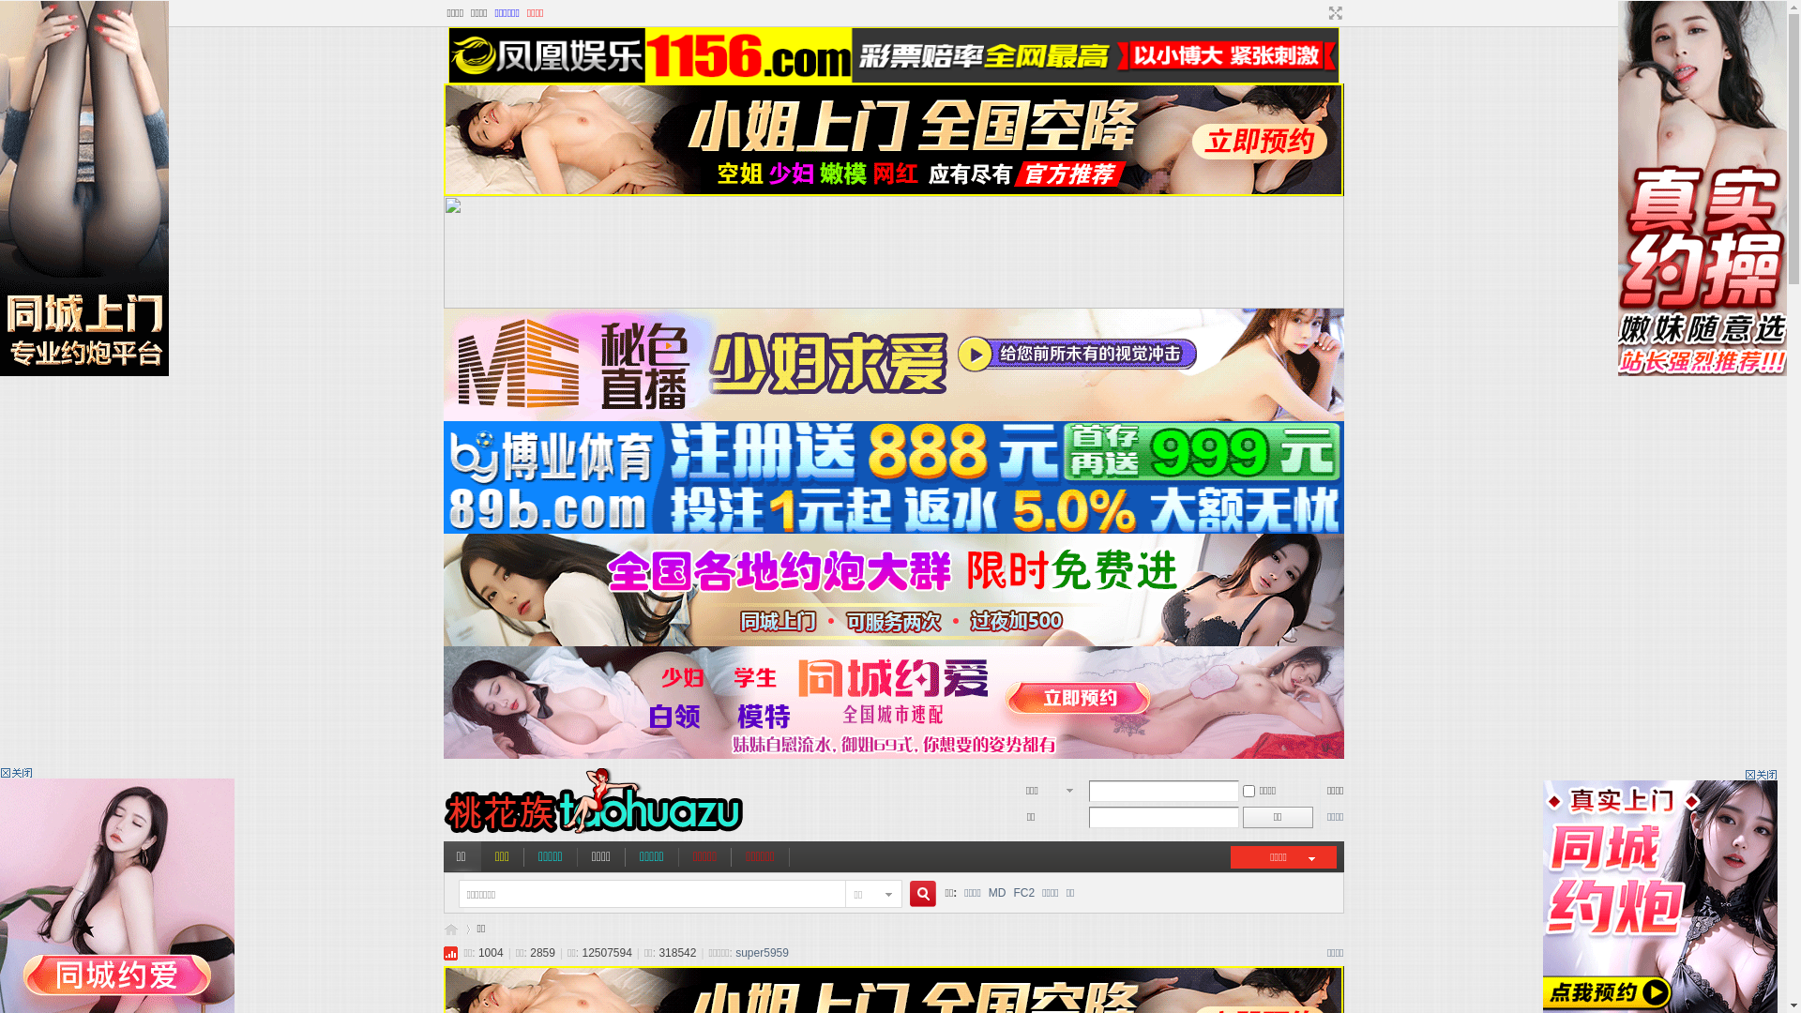  I want to click on 'true', so click(916, 893).